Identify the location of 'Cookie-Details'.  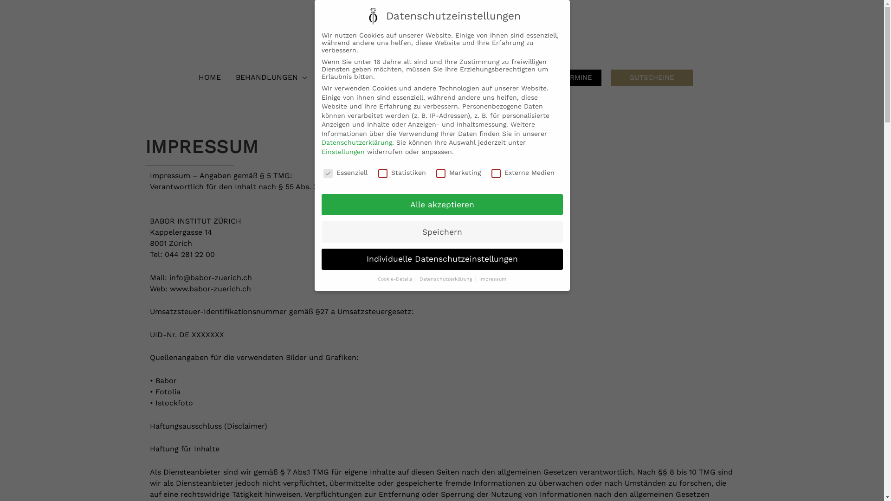
(378, 278).